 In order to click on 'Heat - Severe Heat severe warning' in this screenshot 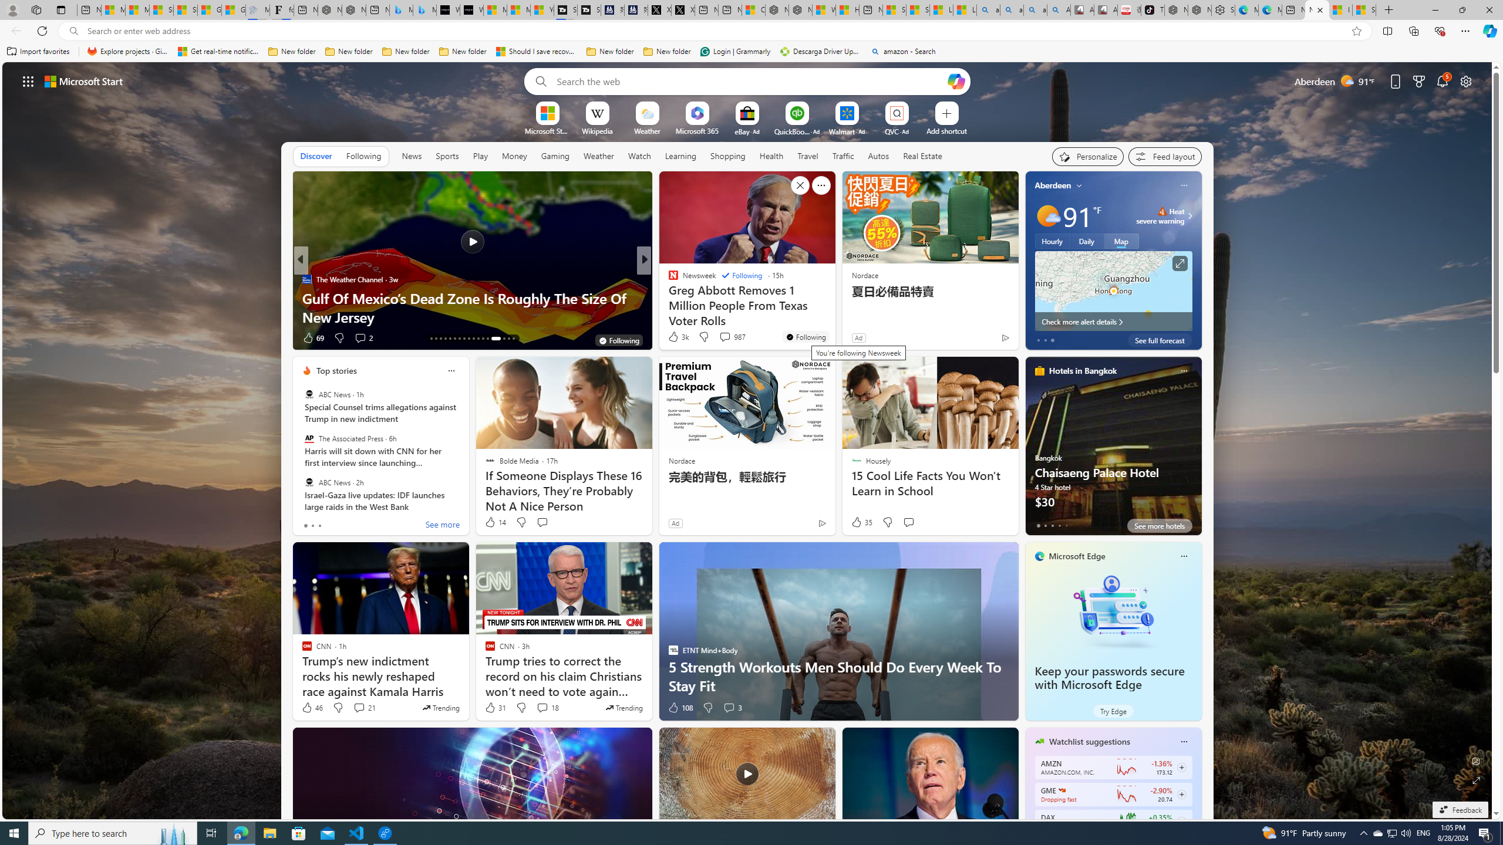, I will do `click(1160, 215)`.